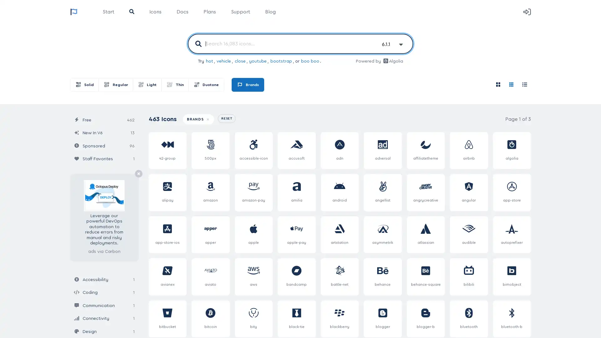  Describe the element at coordinates (254, 155) in the screenshot. I see `accessible-icon` at that location.